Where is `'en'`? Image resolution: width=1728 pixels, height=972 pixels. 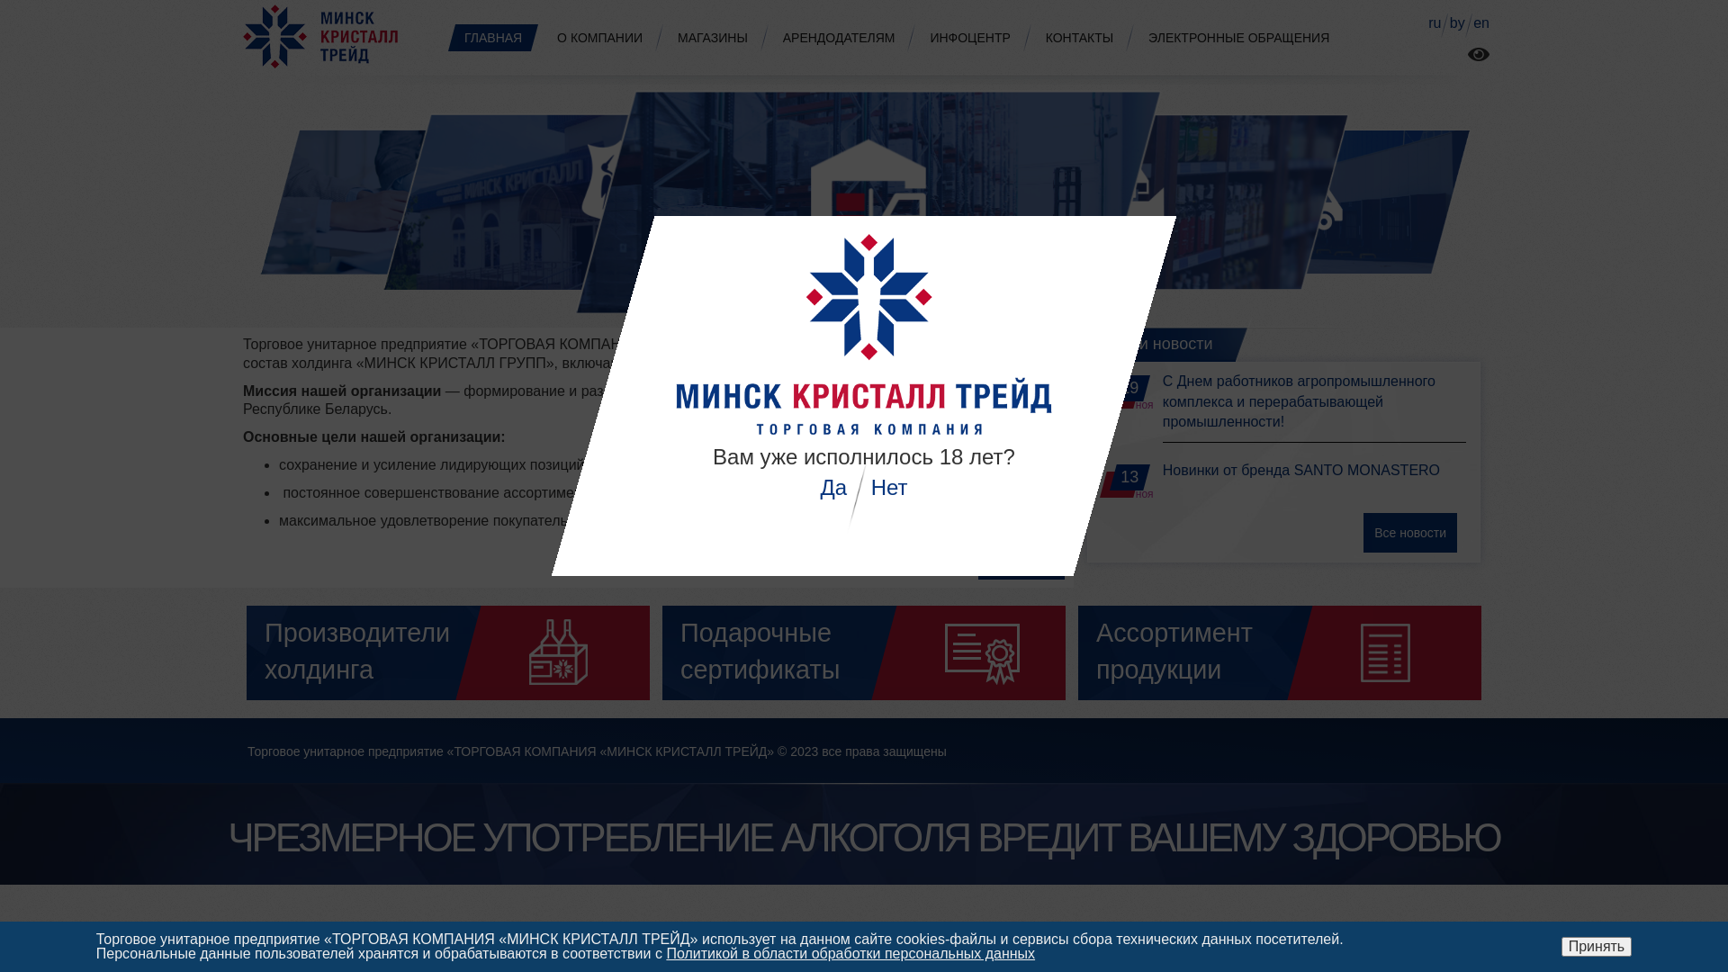 'en' is located at coordinates (1472, 22).